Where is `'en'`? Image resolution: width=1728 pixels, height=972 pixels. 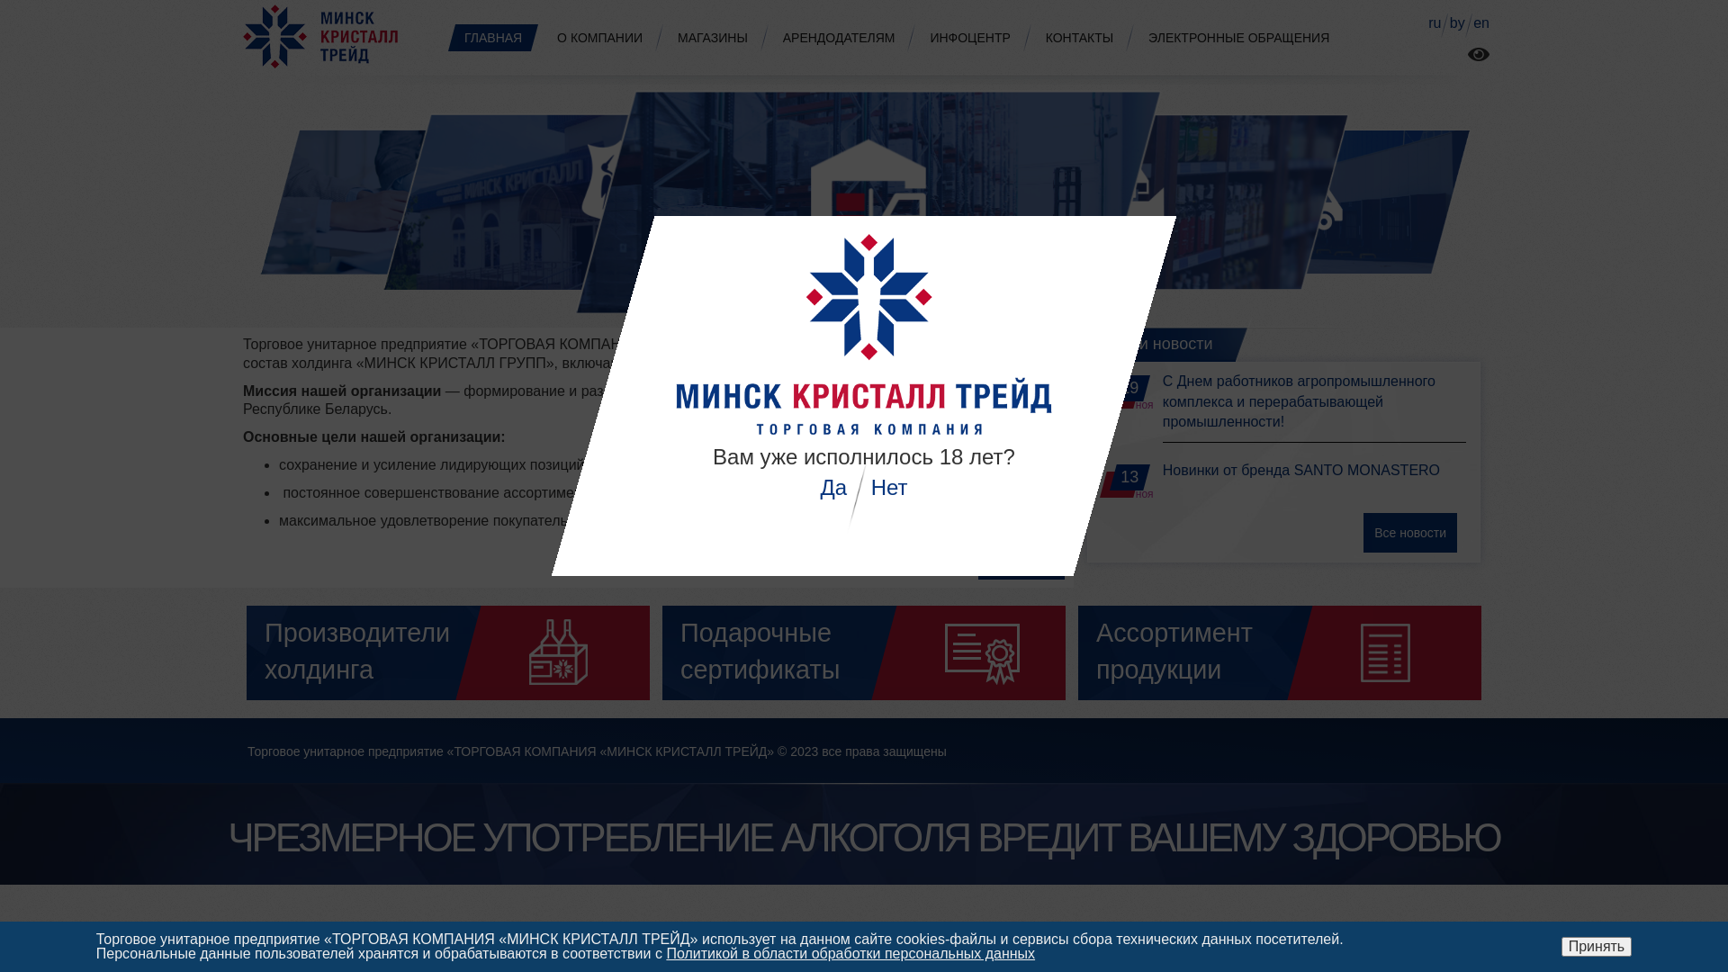 'en' is located at coordinates (1472, 22).